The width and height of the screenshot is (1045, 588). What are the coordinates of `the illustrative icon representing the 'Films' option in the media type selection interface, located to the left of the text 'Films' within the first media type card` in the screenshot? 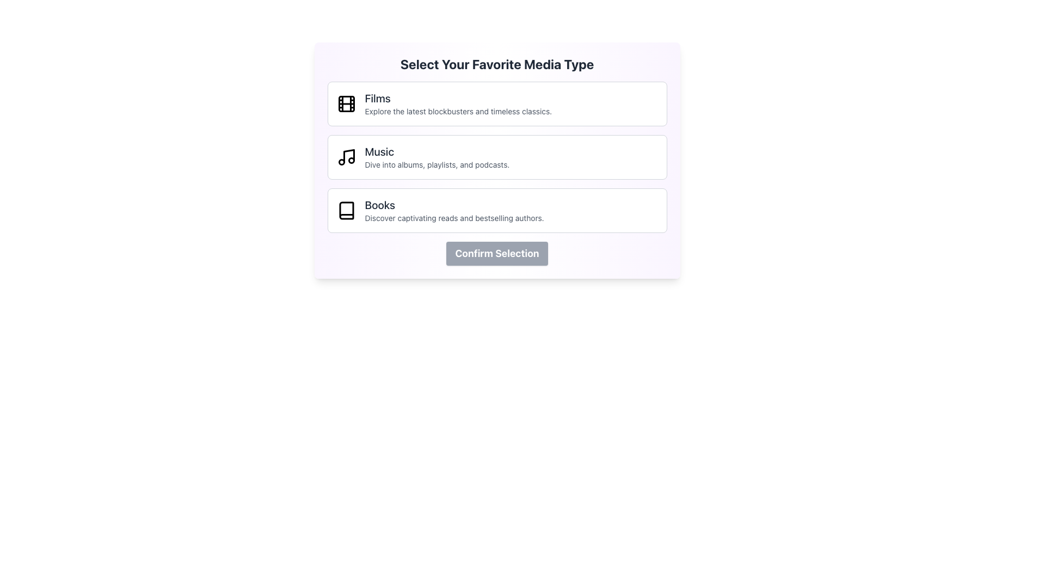 It's located at (346, 104).